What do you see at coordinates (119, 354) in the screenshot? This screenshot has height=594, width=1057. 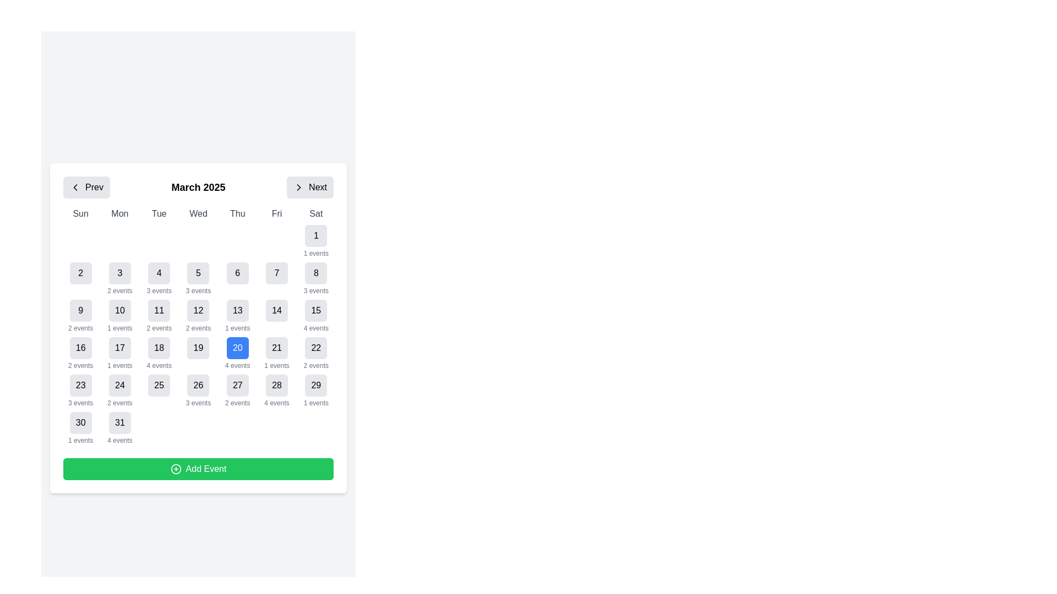 I see `the 17th day entry in the calendar view` at bounding box center [119, 354].